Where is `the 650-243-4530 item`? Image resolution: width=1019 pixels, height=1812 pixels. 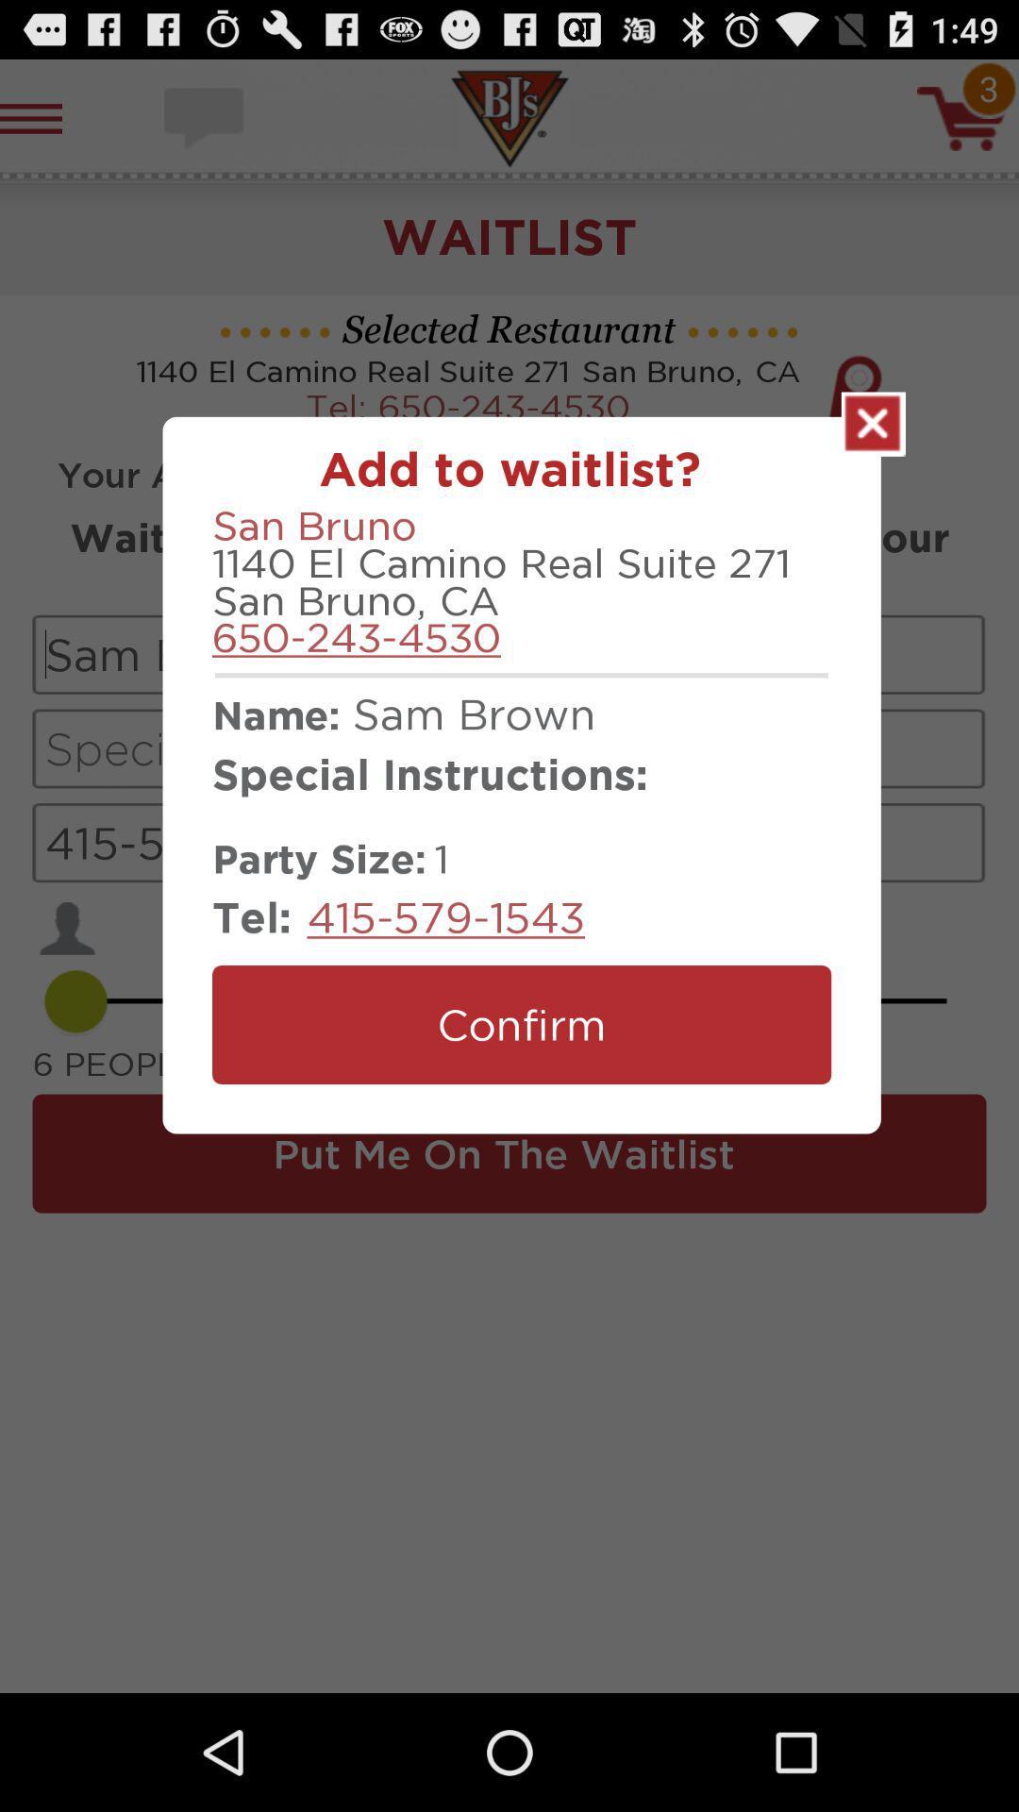
the 650-243-4530 item is located at coordinates (357, 637).